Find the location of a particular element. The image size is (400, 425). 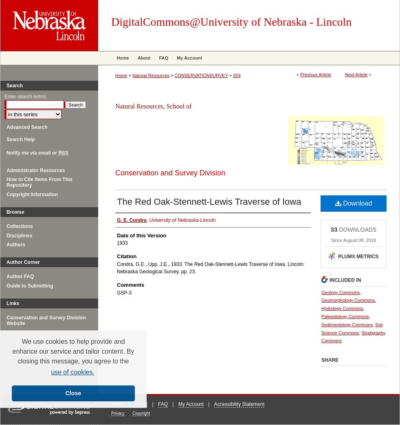

'DOWNLOADS' is located at coordinates (357, 228).